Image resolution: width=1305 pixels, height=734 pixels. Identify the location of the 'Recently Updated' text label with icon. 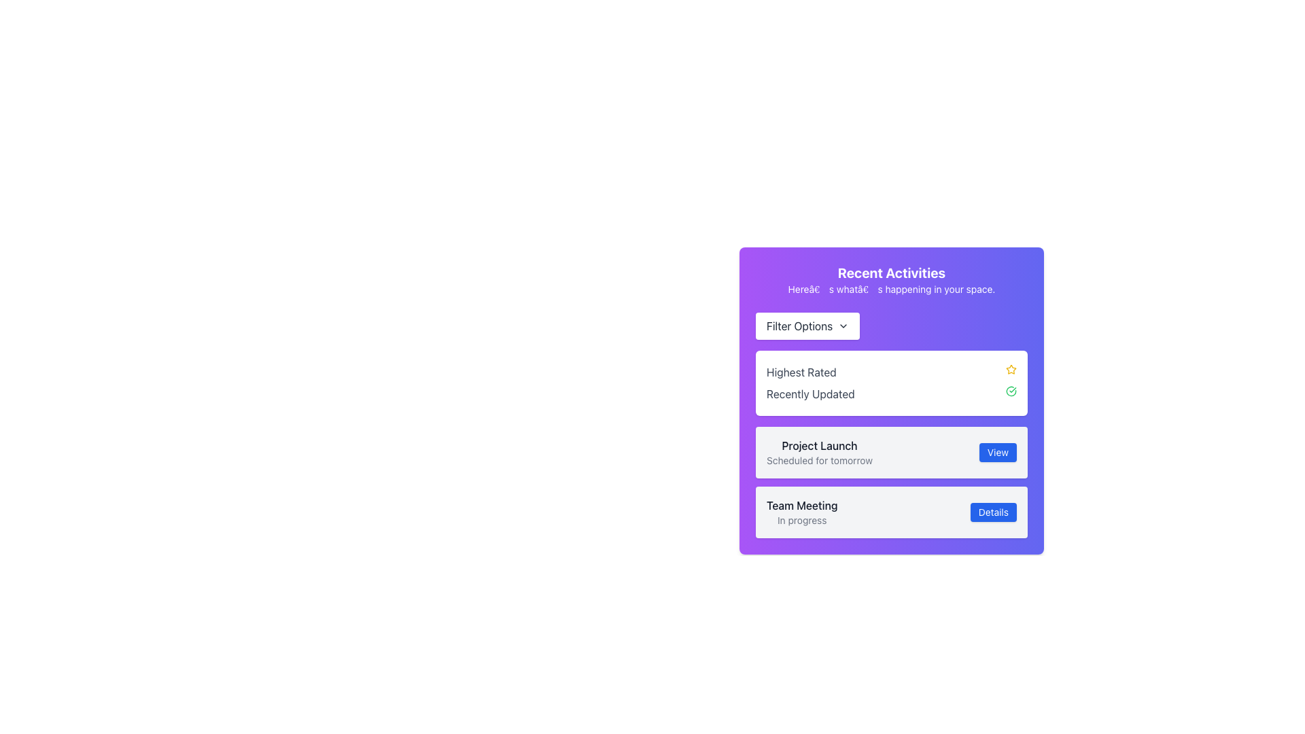
(891, 394).